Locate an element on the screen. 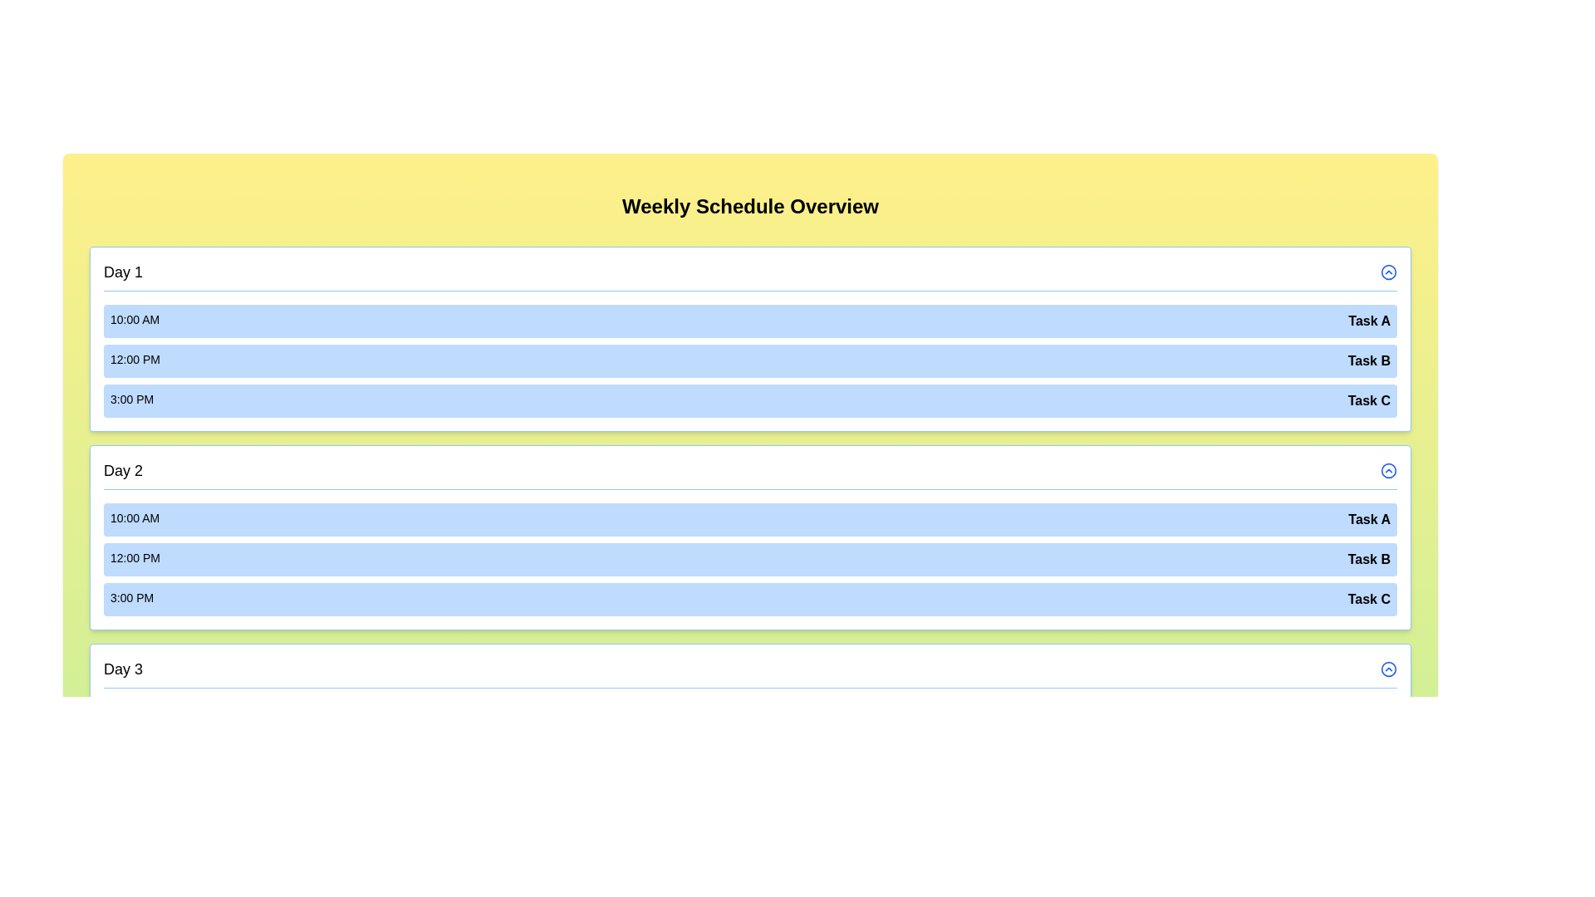  the event labeled 'Task A' on 'Day 1' to display additional information is located at coordinates (749, 321).